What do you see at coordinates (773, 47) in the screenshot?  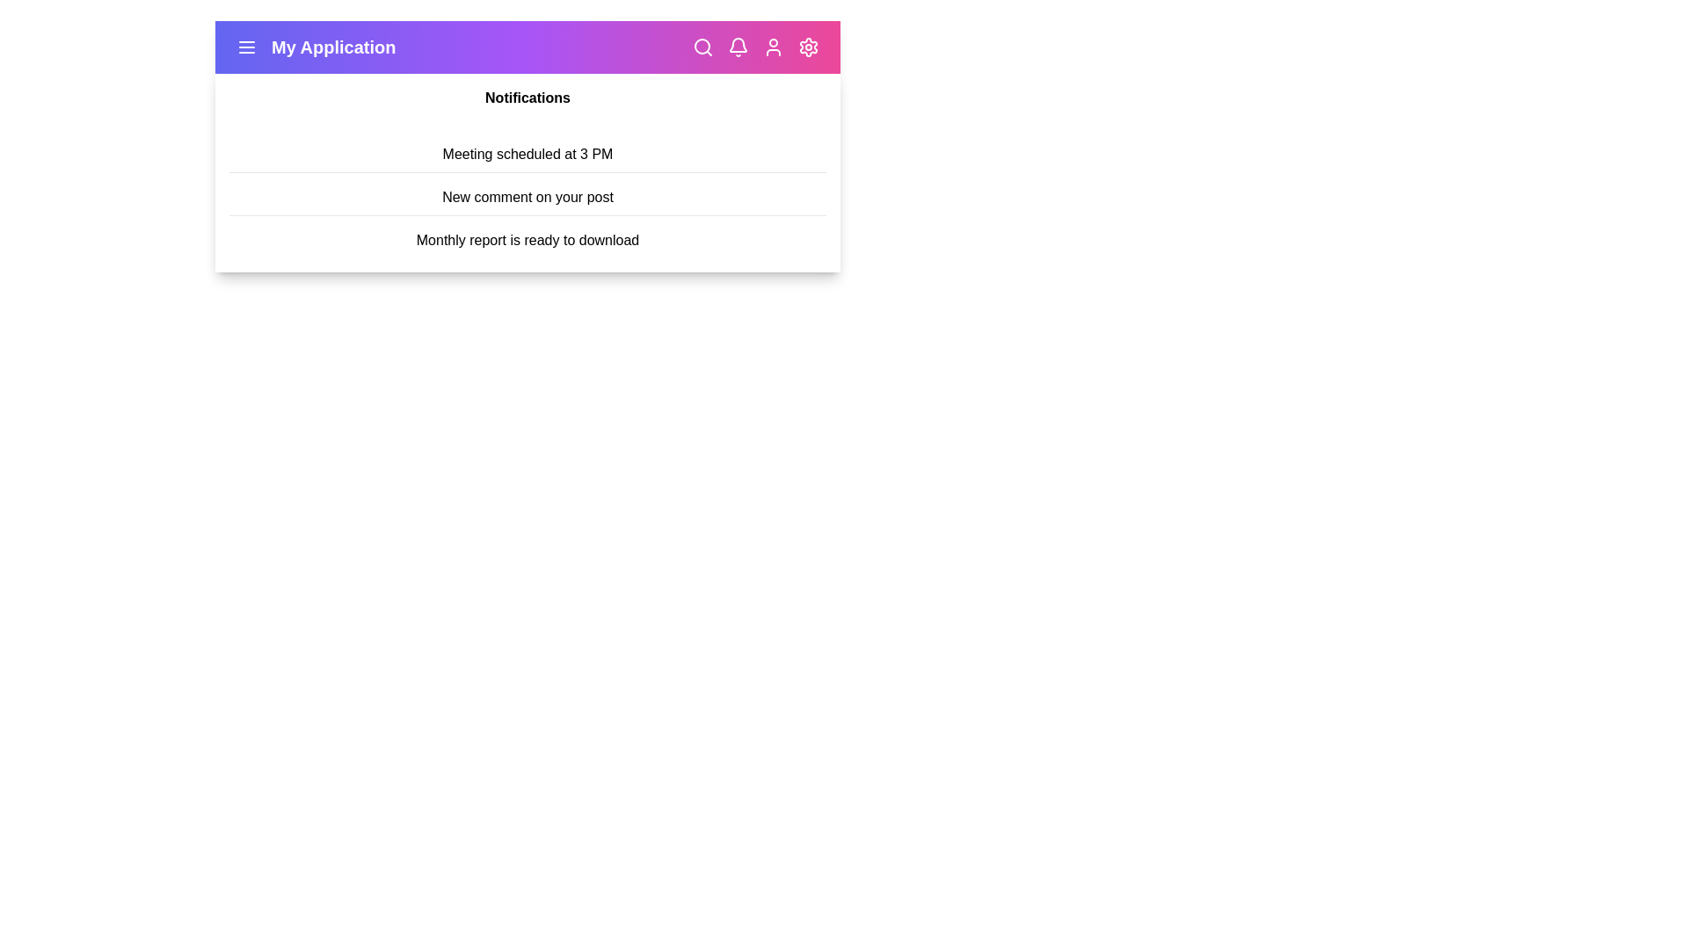 I see `the user icon to open the user profile` at bounding box center [773, 47].